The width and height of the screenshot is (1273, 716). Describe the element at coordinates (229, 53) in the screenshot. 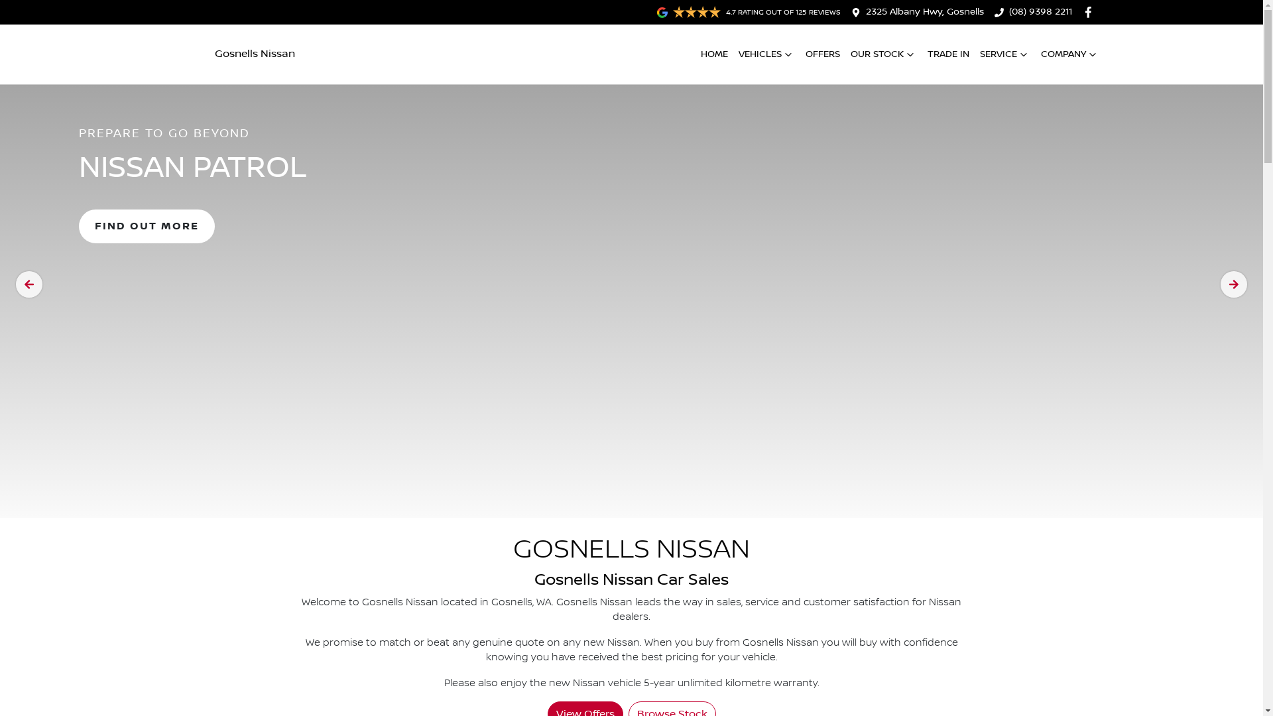

I see `'Gosnells Nissan'` at that location.